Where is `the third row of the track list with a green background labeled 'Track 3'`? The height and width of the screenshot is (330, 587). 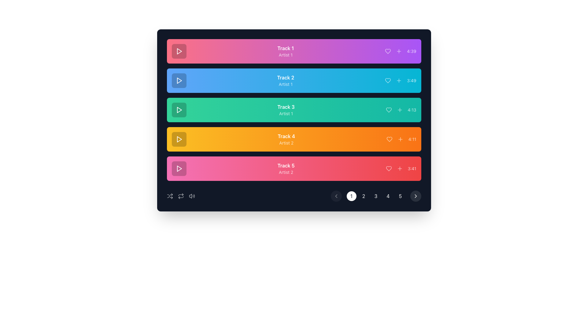
the third row of the track list with a green background labeled 'Track 3' is located at coordinates (294, 109).